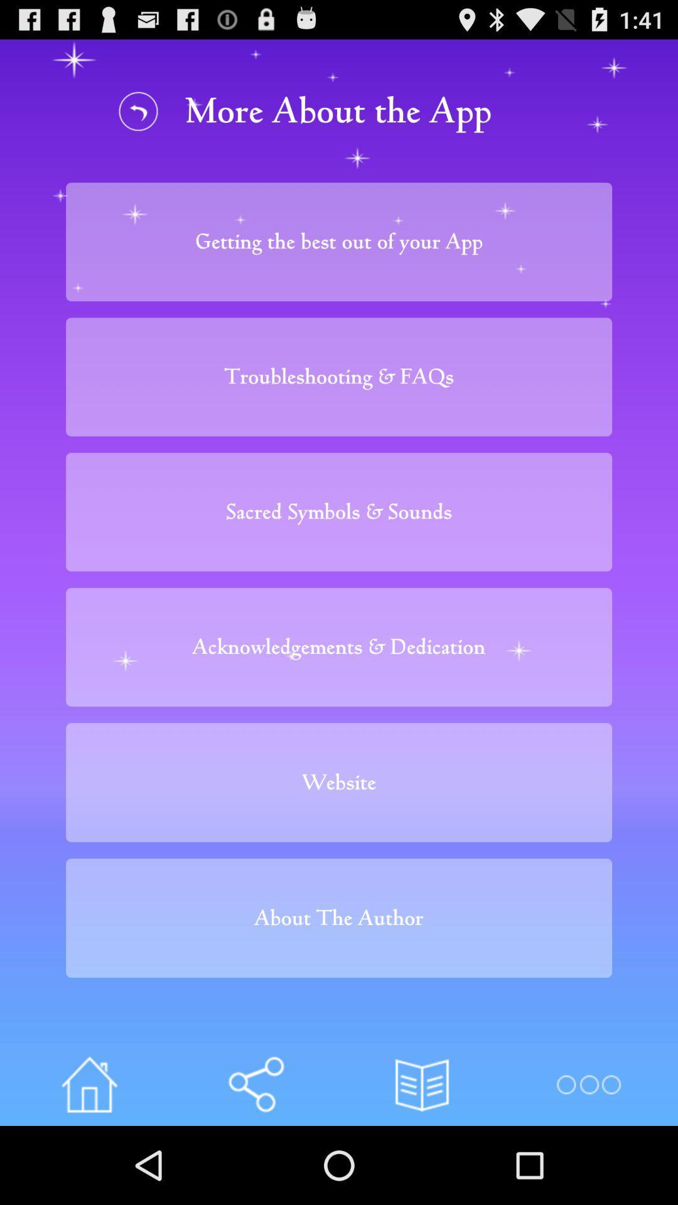  Describe the element at coordinates (255, 1084) in the screenshot. I see `links` at that location.